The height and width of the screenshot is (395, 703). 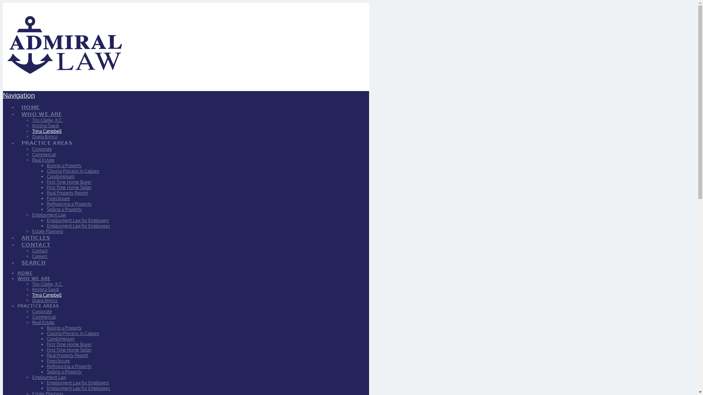 What do you see at coordinates (47, 120) in the screenshot?
I see `'Tiro Clarke, K.C.'` at bounding box center [47, 120].